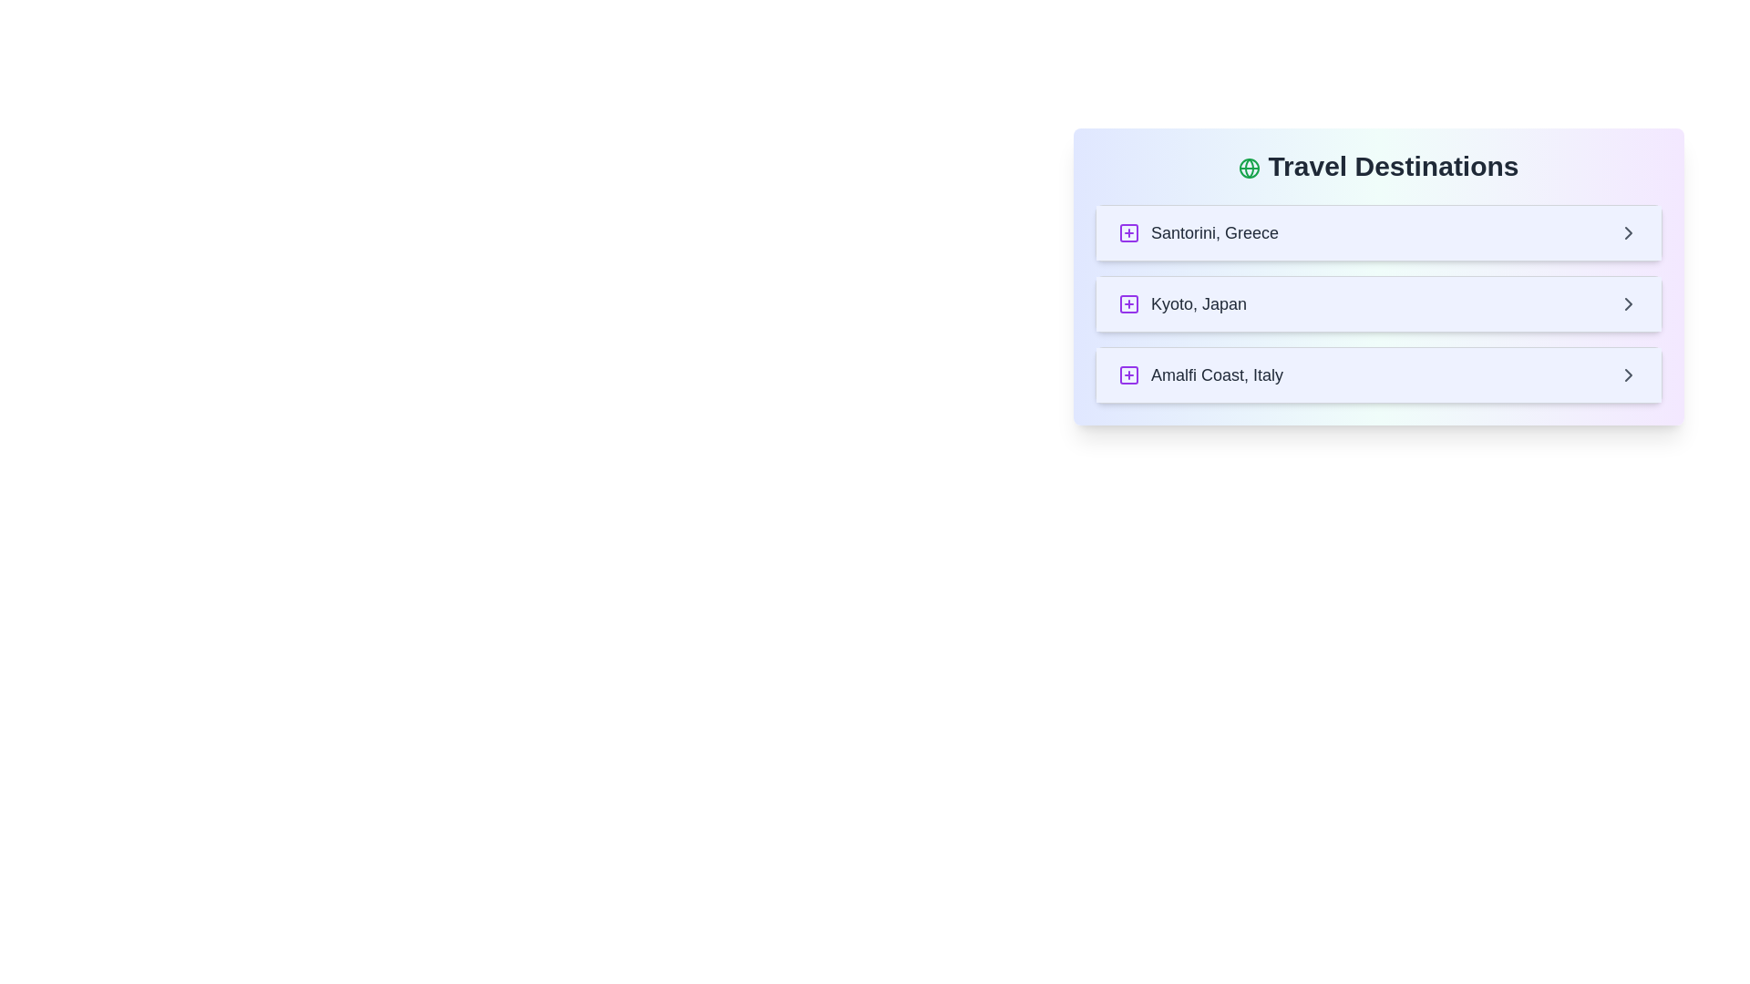 The width and height of the screenshot is (1750, 984). What do you see at coordinates (1127, 231) in the screenshot?
I see `the outlined square button with a centered plus sign, located to the left of the text 'Santorini, Greece' in the 'Travel Destinations' list` at bounding box center [1127, 231].